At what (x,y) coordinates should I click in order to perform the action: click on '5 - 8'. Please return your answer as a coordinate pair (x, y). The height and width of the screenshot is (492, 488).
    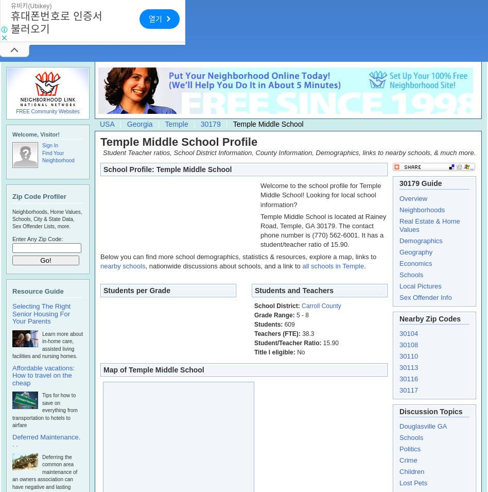
    Looking at the image, I should click on (301, 315).